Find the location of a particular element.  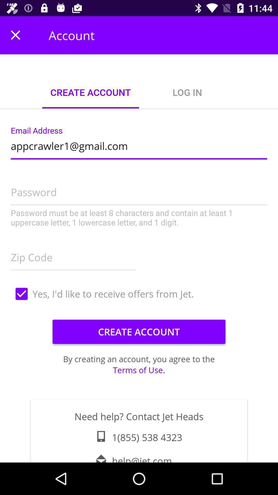

the icon above need help contact is located at coordinates (139, 370).